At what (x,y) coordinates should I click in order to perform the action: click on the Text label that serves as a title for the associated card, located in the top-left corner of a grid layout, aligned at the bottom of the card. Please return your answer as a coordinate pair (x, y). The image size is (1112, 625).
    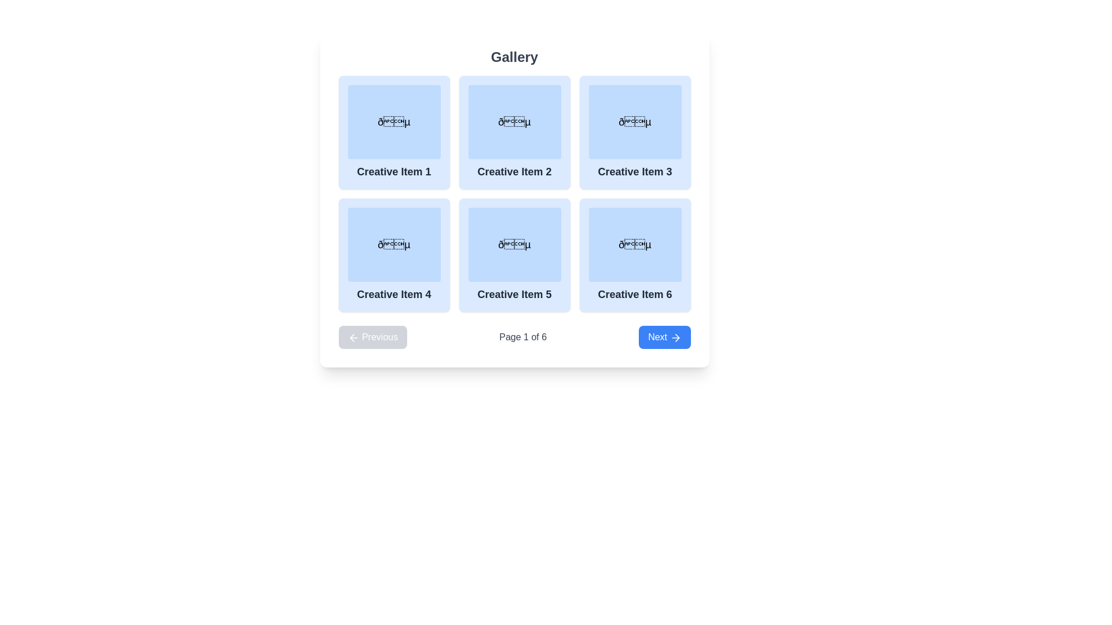
    Looking at the image, I should click on (394, 172).